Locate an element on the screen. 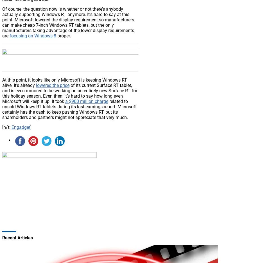 The image size is (257, 263). 'SharingEconomyTrends' is located at coordinates (49, 163).